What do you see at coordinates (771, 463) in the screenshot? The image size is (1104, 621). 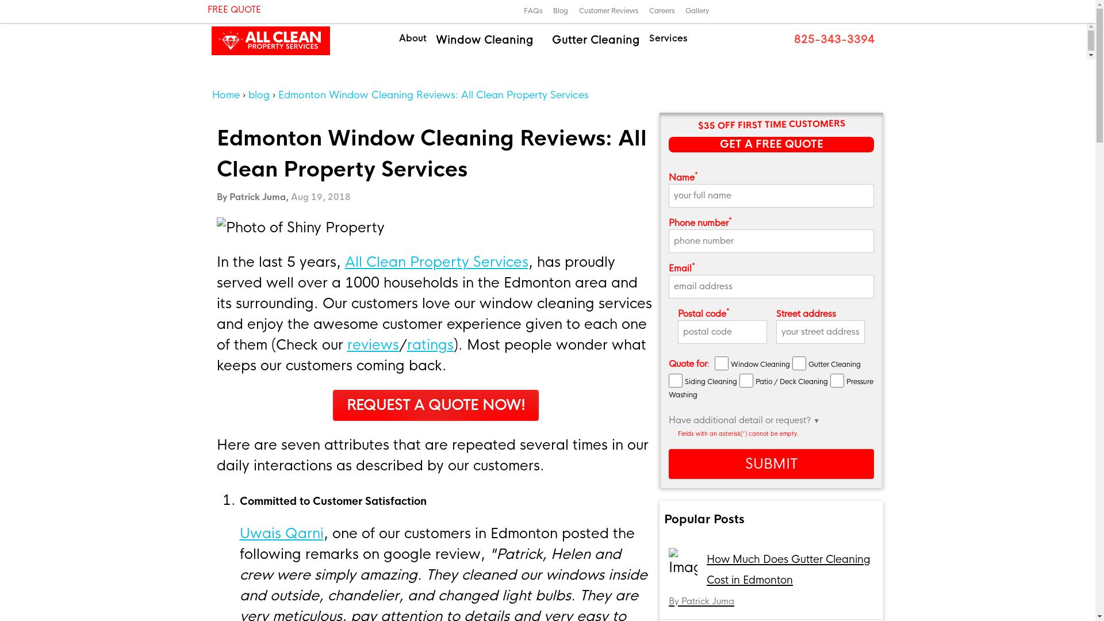 I see `'SUBMIT'` at bounding box center [771, 463].